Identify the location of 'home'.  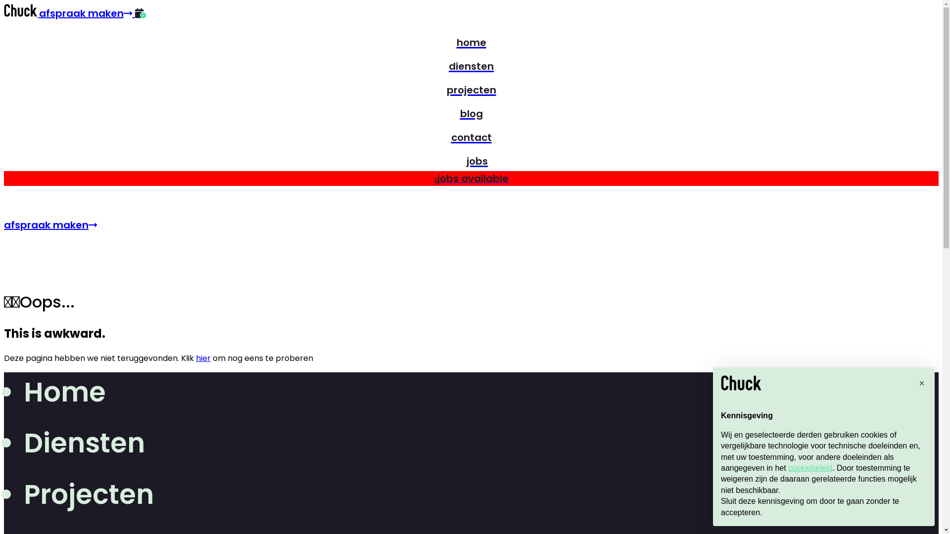
(470, 40).